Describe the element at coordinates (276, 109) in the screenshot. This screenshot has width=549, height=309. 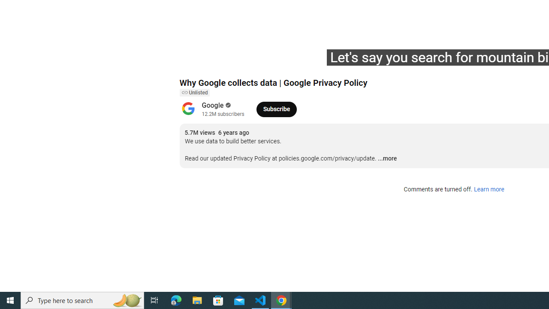
I see `'Subscribe to Google.'` at that location.